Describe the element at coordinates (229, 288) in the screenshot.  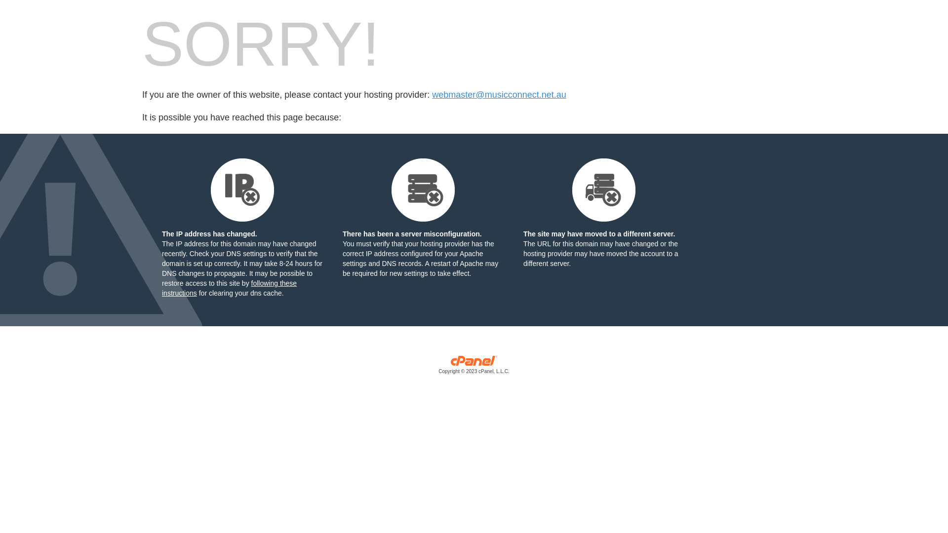
I see `'following these instructions'` at that location.